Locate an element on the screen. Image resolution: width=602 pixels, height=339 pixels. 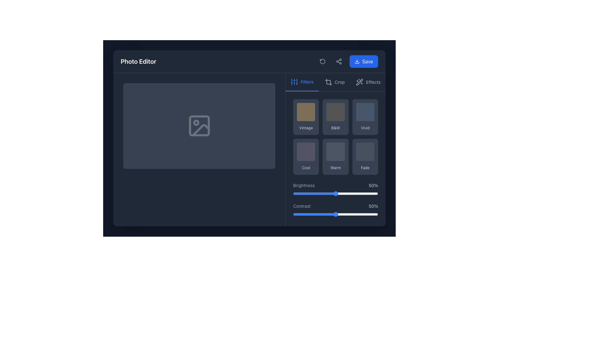
the grayish square-shaped button with rounded borders located in the 'Warm' section of the grid layout is located at coordinates (335, 151).